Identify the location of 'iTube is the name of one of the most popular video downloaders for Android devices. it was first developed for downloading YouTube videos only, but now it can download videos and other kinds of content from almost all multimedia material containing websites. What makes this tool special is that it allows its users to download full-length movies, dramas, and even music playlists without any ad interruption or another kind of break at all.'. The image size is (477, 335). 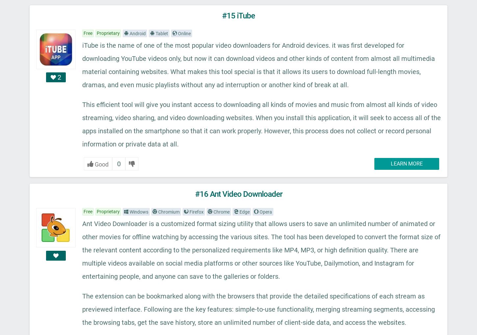
(259, 65).